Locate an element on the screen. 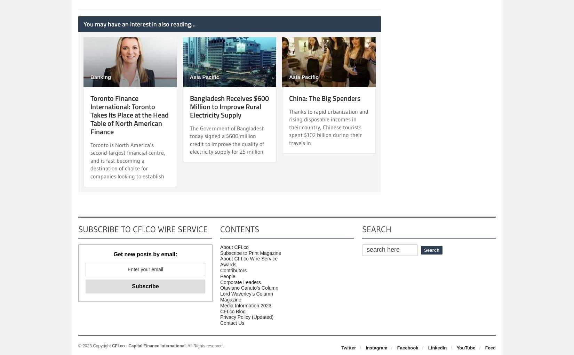 This screenshot has width=574, height=355. 'Toronto Finance International: Toronto Takes Its Place at the Head Table of North American Finance' is located at coordinates (129, 114).